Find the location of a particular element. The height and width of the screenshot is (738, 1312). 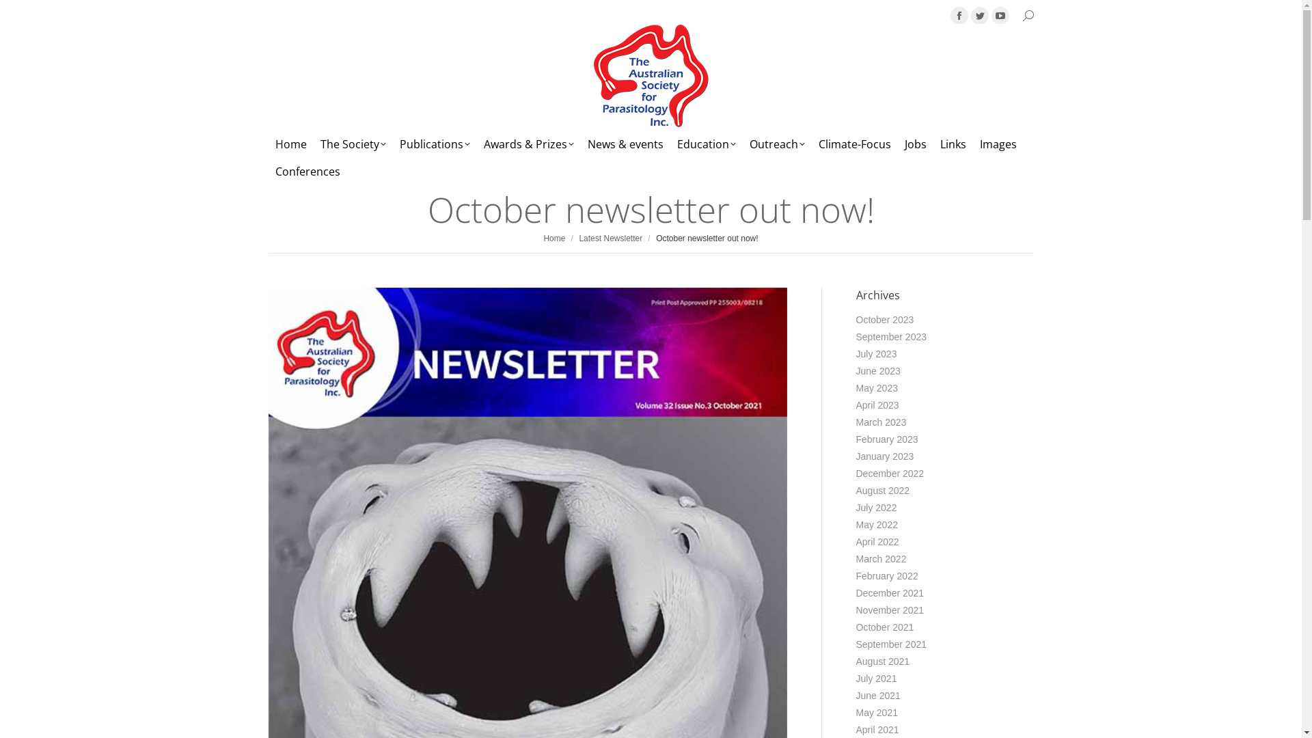

'December 2022' is located at coordinates (889, 473).